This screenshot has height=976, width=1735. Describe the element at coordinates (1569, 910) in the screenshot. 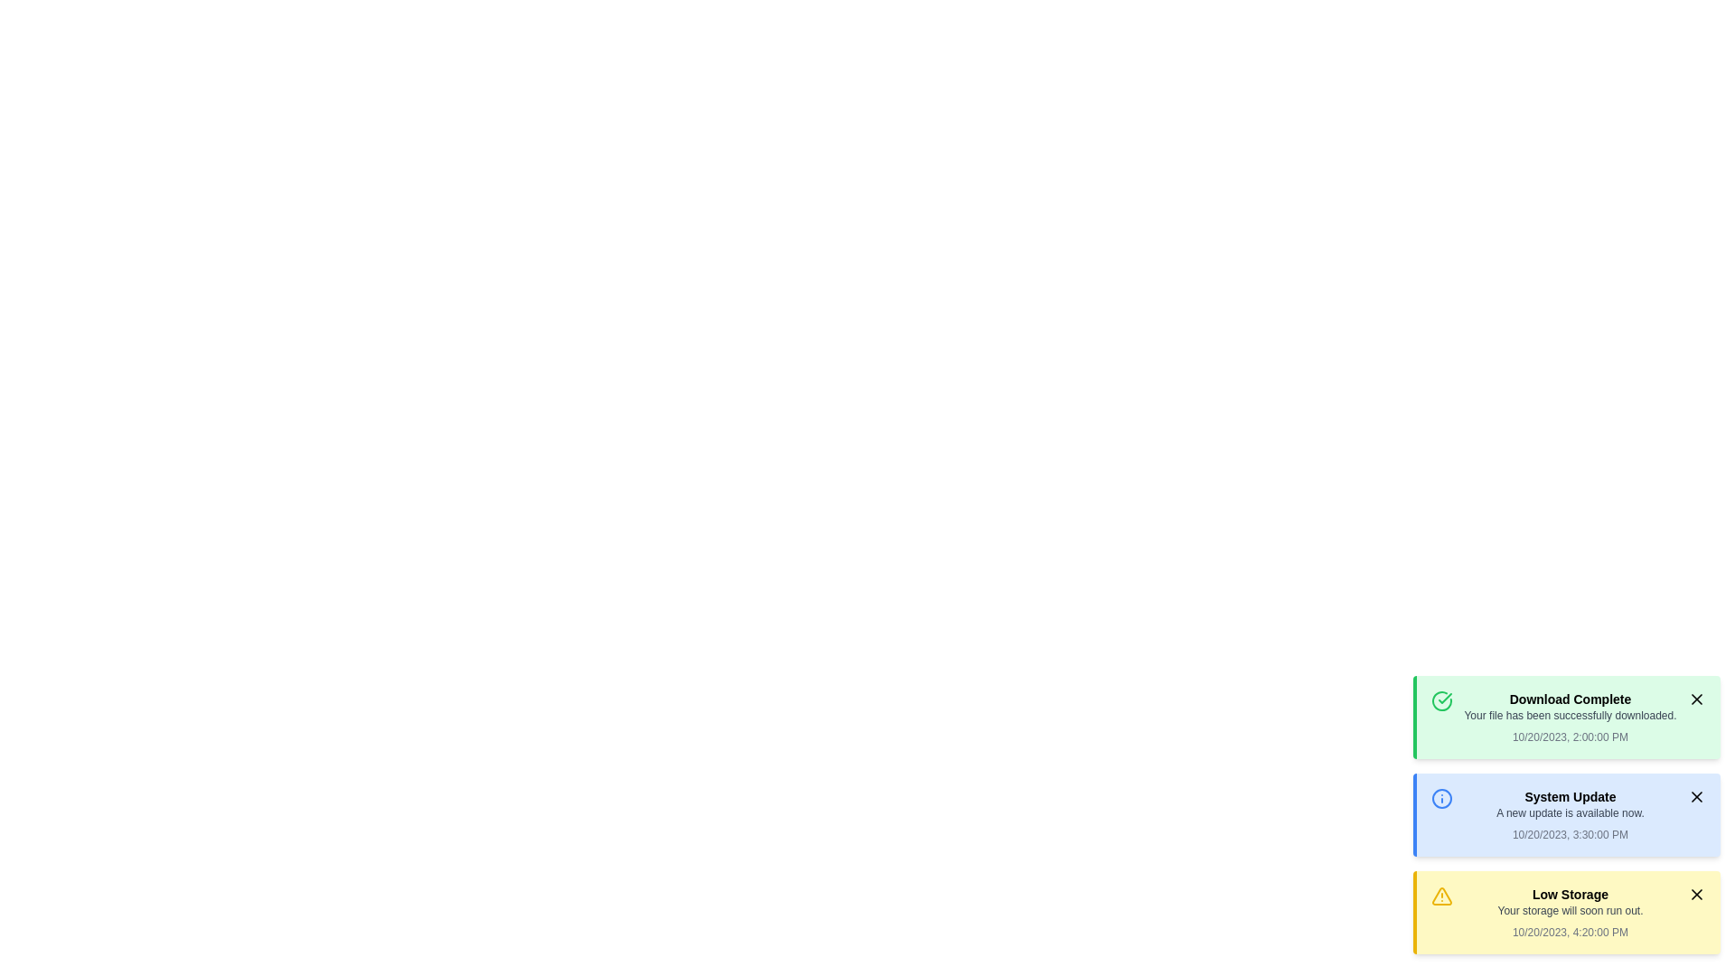

I see `the static text element displaying 'Your storage will soon run out.' located within the yellow notification card` at that location.